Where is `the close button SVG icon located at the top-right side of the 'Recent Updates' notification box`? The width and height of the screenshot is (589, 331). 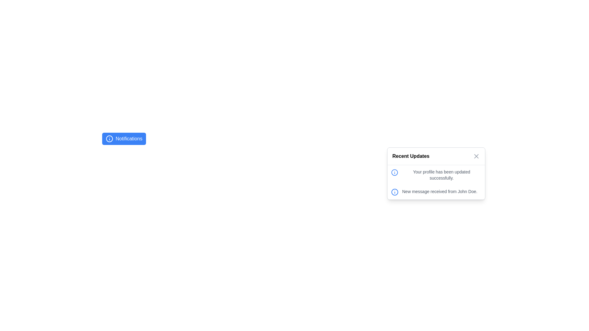 the close button SVG icon located at the top-right side of the 'Recent Updates' notification box is located at coordinates (476, 156).